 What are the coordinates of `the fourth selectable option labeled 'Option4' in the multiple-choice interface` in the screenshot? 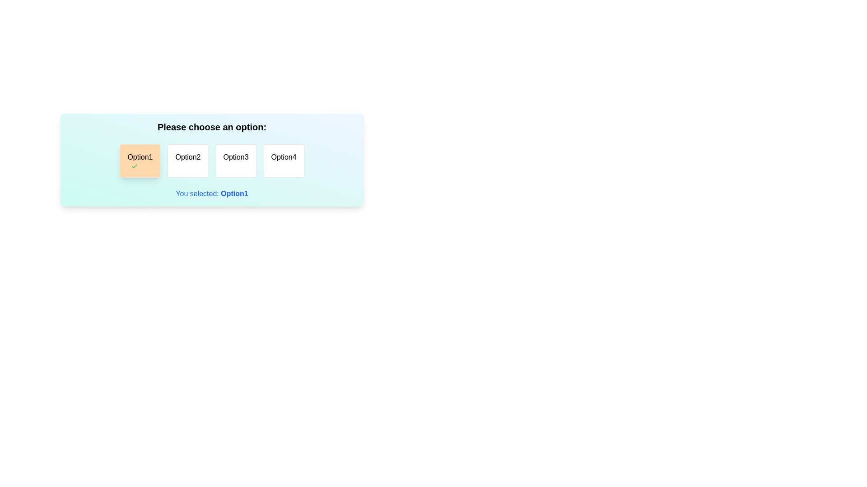 It's located at (283, 161).